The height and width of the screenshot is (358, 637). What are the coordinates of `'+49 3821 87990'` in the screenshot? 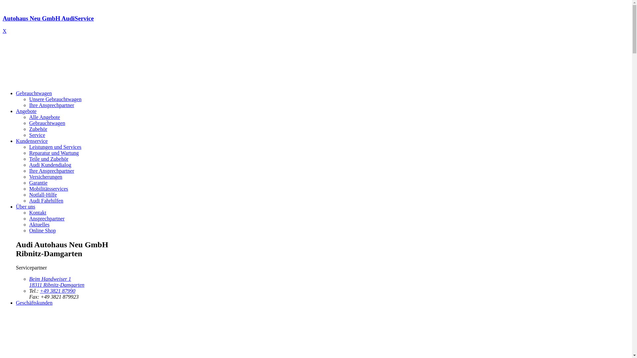 It's located at (57, 290).